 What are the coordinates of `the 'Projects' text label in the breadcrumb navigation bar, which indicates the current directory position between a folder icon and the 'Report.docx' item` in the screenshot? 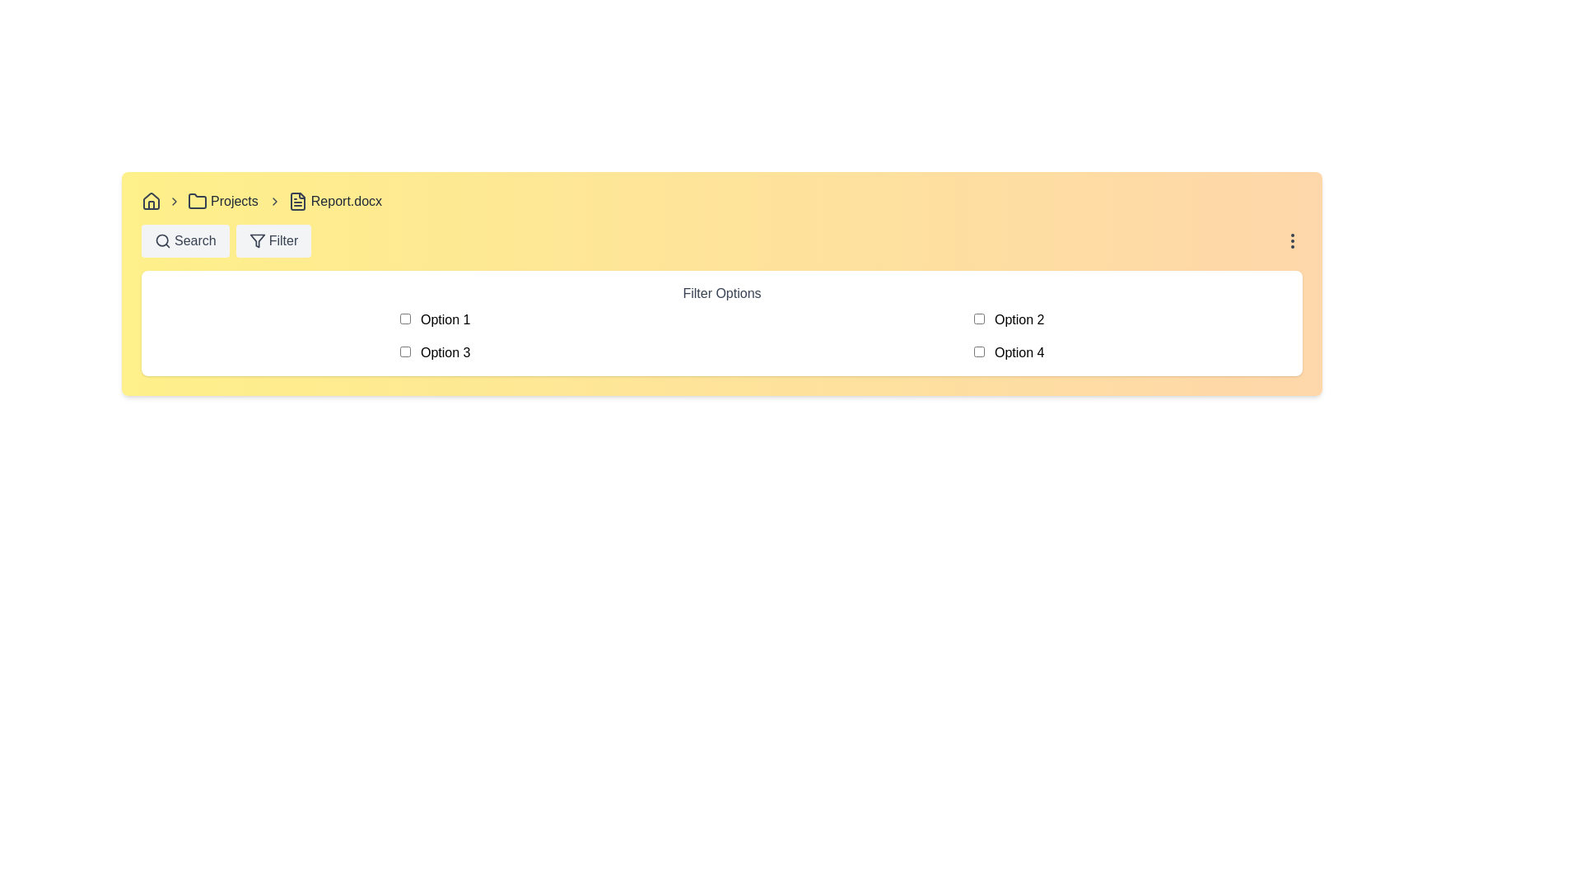 It's located at (233, 201).